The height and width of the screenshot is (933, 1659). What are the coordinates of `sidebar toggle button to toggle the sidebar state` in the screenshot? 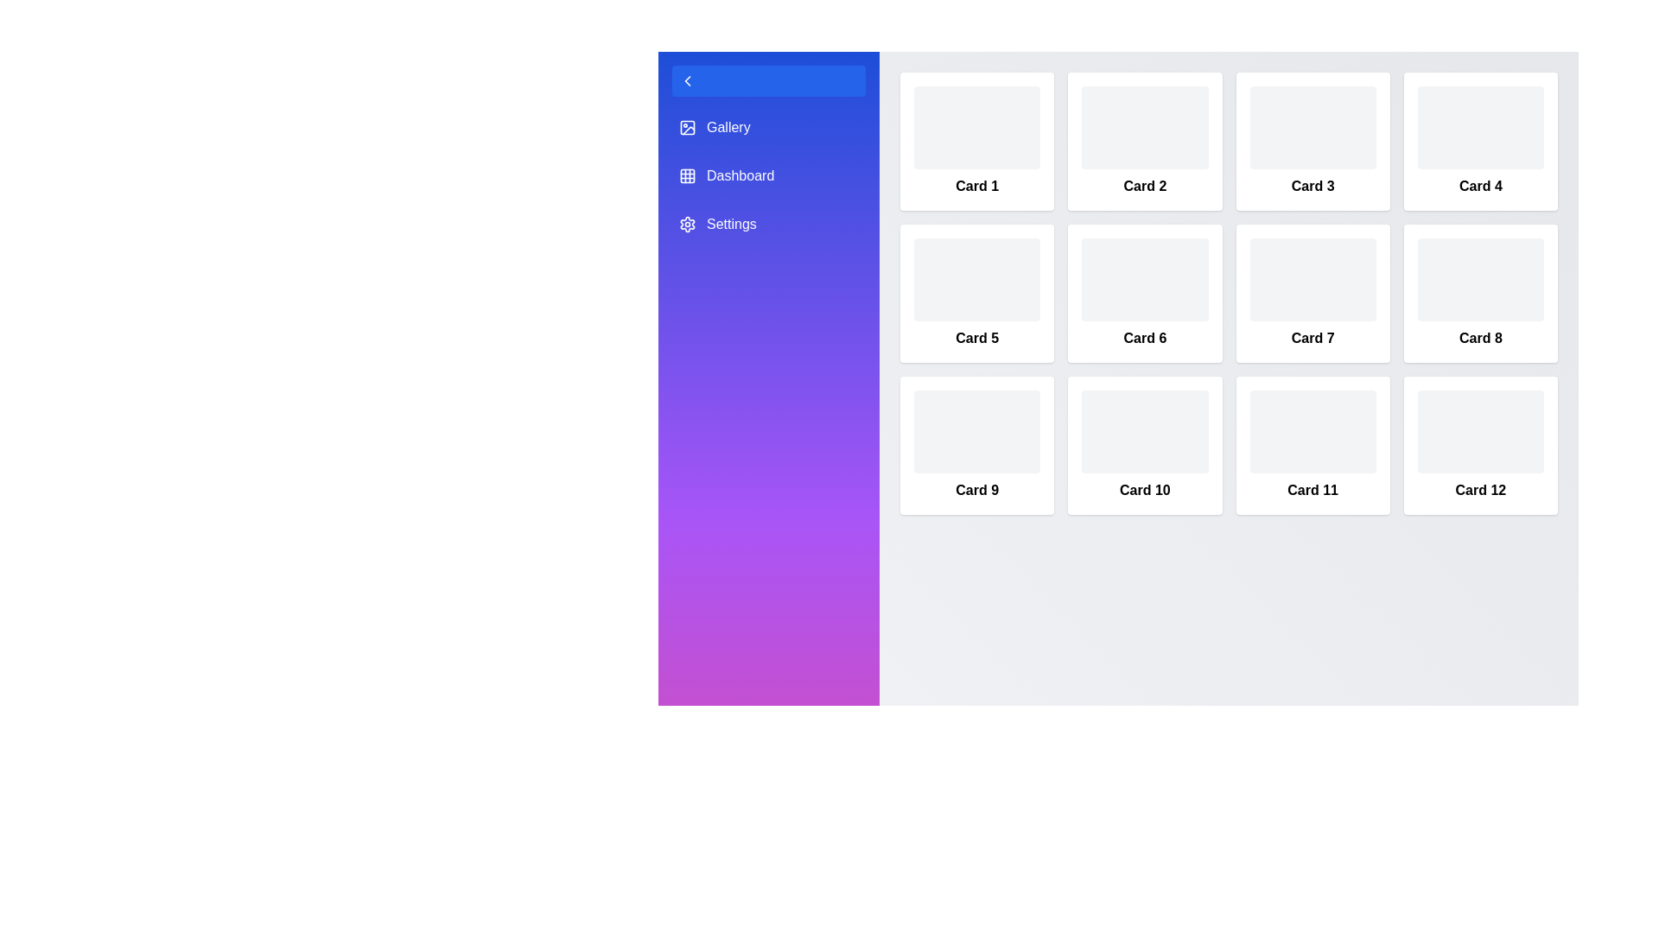 It's located at (767, 80).